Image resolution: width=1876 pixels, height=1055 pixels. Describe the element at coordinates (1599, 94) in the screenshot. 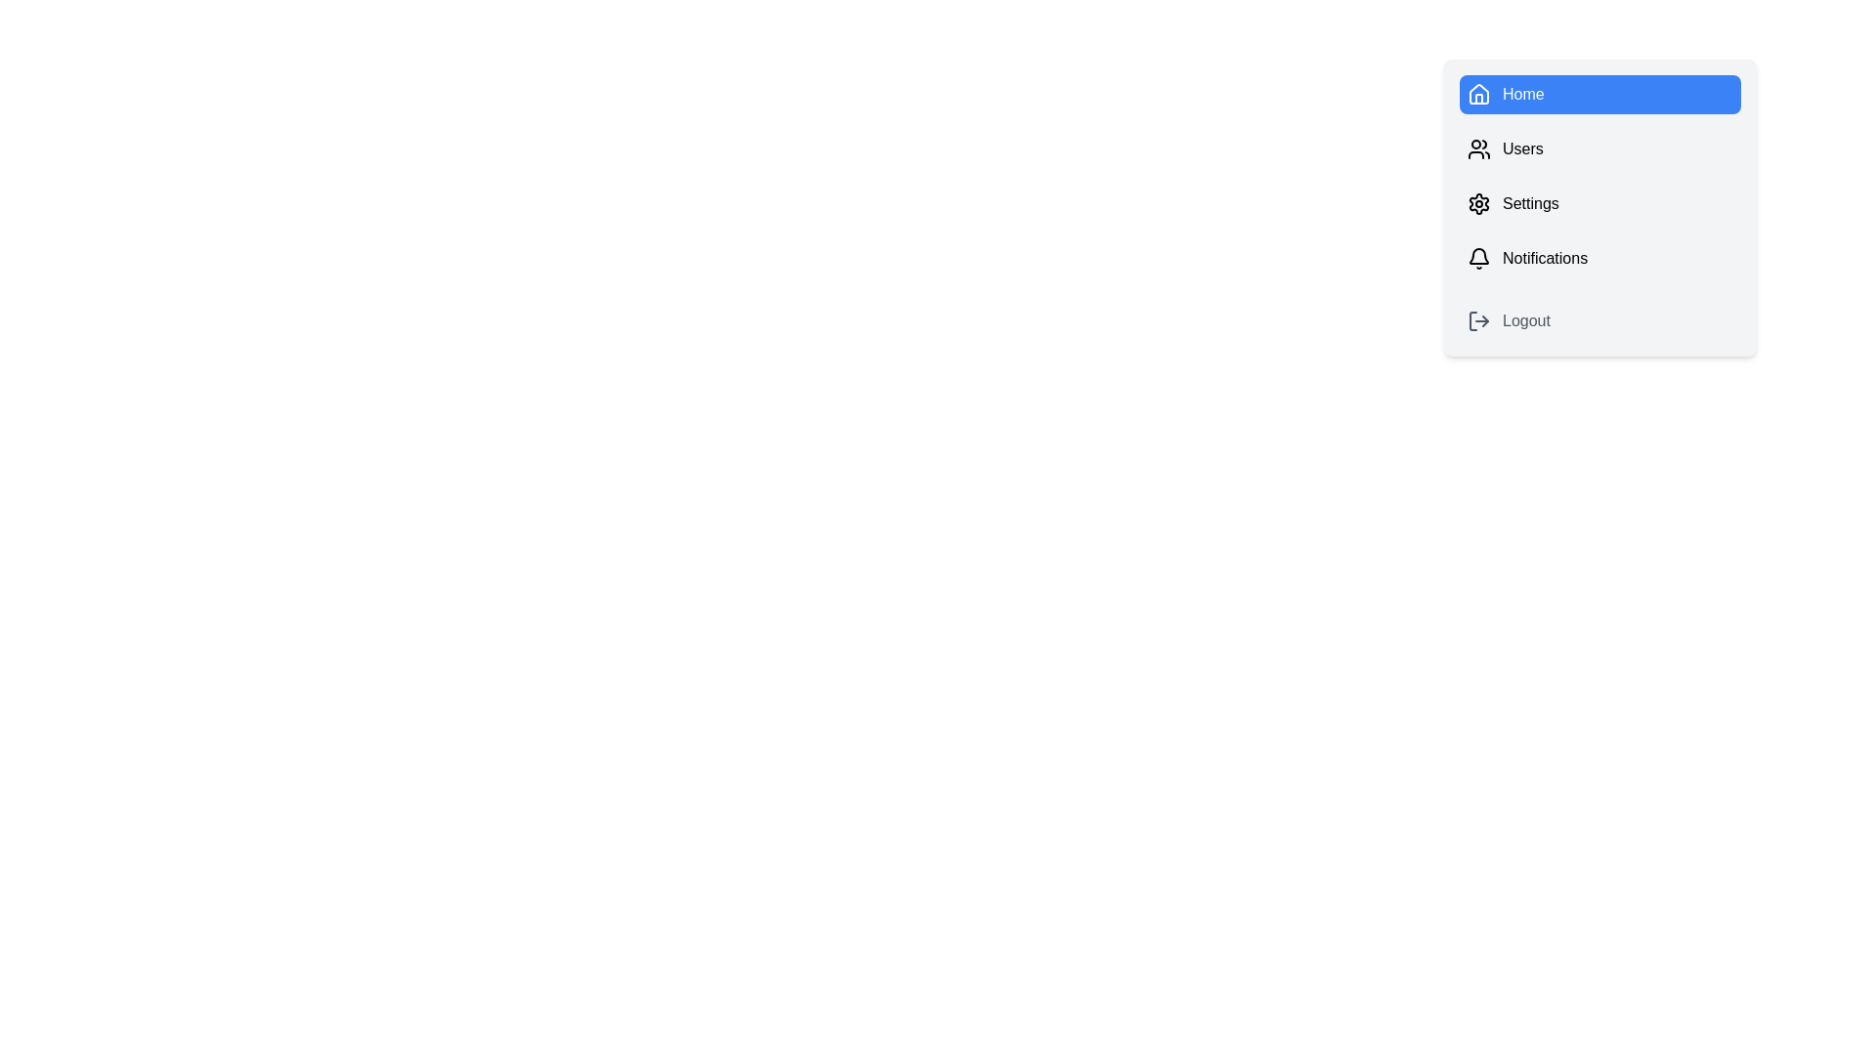

I see `the navigation button located at the top of the vertical list` at that location.